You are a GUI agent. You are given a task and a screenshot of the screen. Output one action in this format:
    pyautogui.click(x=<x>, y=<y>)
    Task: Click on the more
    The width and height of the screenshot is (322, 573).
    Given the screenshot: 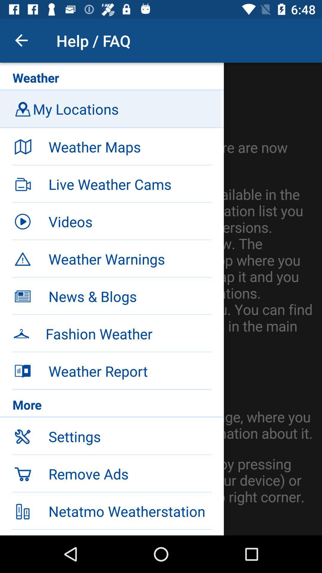 What is the action you would take?
    pyautogui.click(x=112, y=406)
    